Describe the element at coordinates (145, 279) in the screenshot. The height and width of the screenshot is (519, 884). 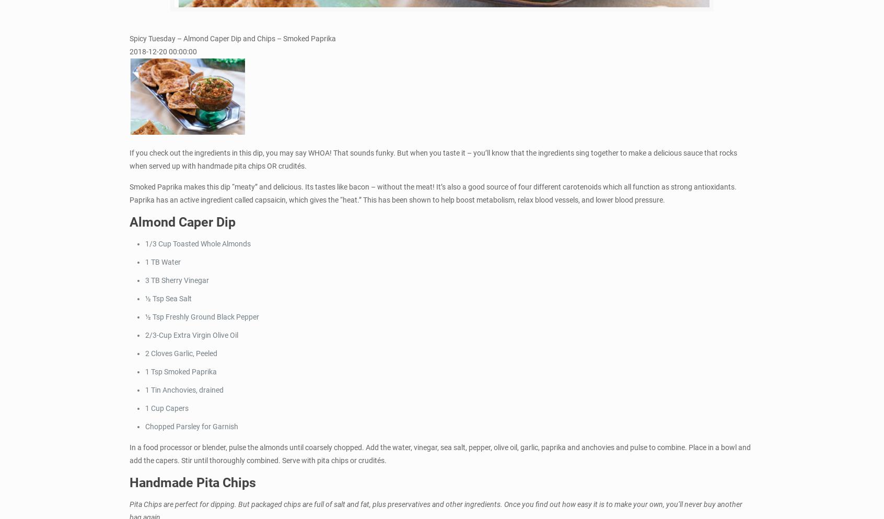
I see `'3 TB Sherry Vinegar'` at that location.